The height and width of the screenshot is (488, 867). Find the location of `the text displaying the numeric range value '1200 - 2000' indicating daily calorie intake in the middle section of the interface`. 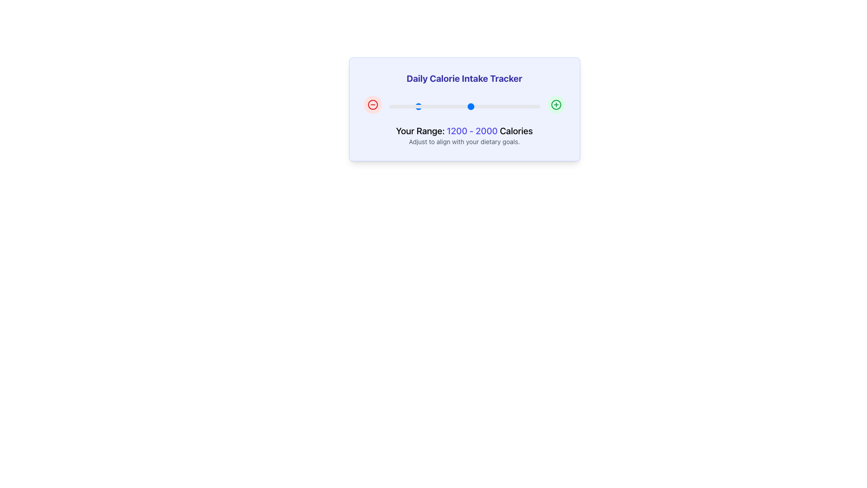

the text displaying the numeric range value '1200 - 2000' indicating daily calorie intake in the middle section of the interface is located at coordinates (471, 131).